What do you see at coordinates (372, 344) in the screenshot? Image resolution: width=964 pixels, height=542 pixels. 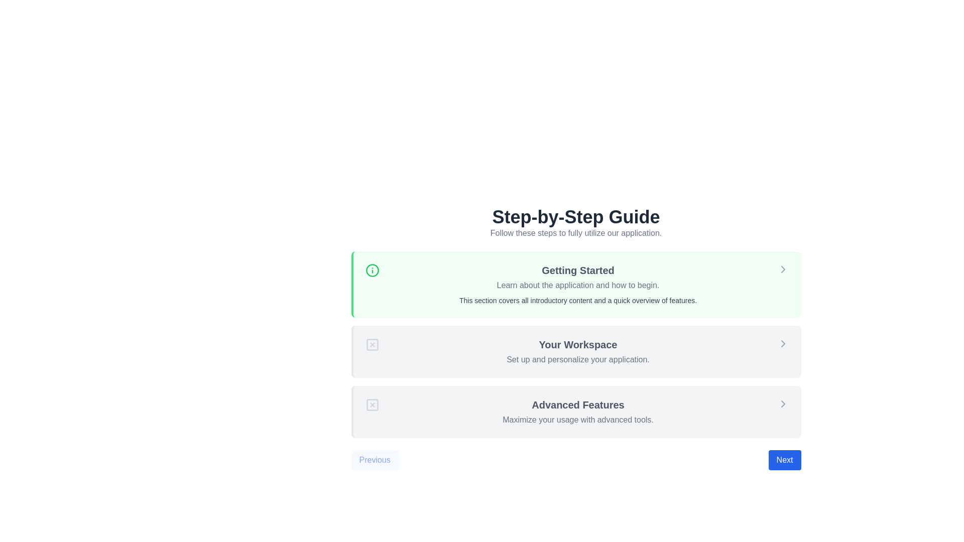 I see `the Icon element that resembles a square with a cross ('X') in the center, located in the 'Your Workspace' section, below 'Getting Started' and above 'Advanced Features'` at bounding box center [372, 344].